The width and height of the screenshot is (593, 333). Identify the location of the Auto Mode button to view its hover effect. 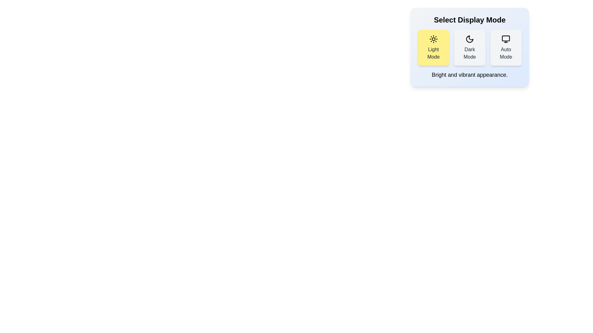
(506, 47).